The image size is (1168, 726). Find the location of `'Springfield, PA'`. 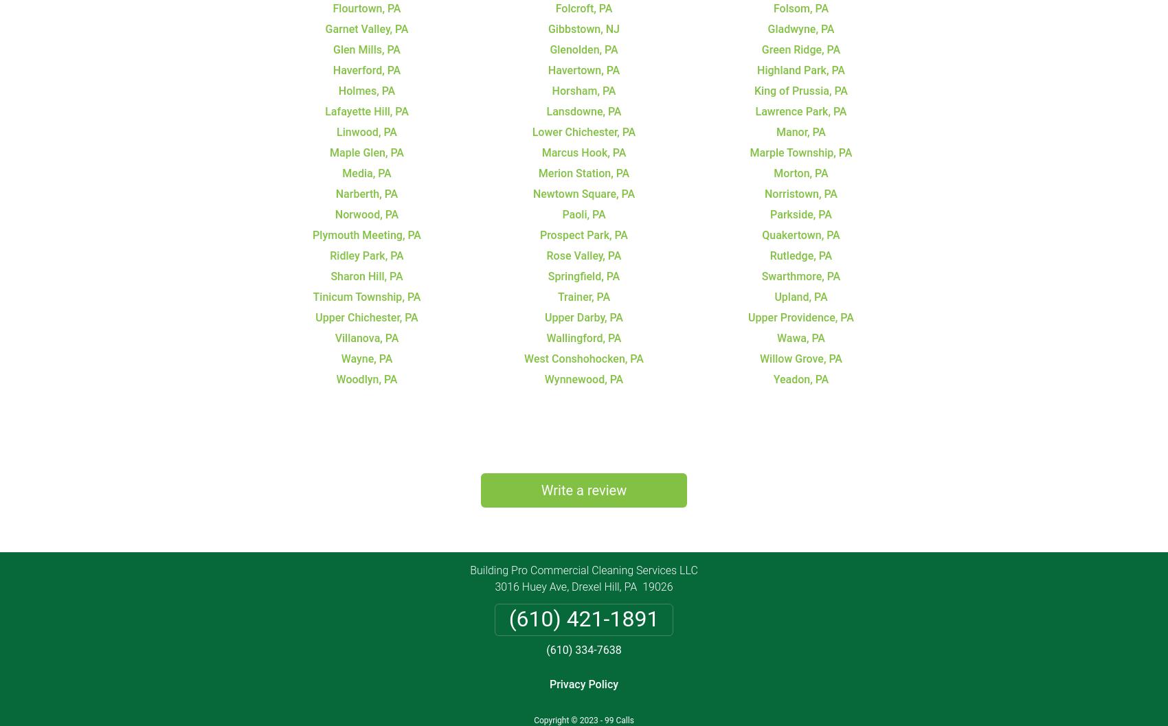

'Springfield, PA' is located at coordinates (583, 275).